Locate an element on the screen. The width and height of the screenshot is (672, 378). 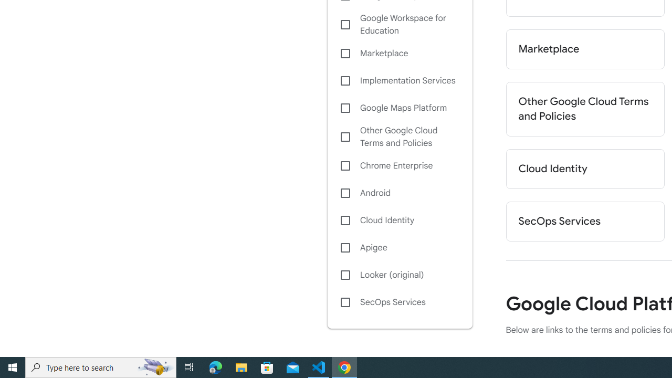
'Other Google Cloud Terms and Policies' is located at coordinates (399, 136).